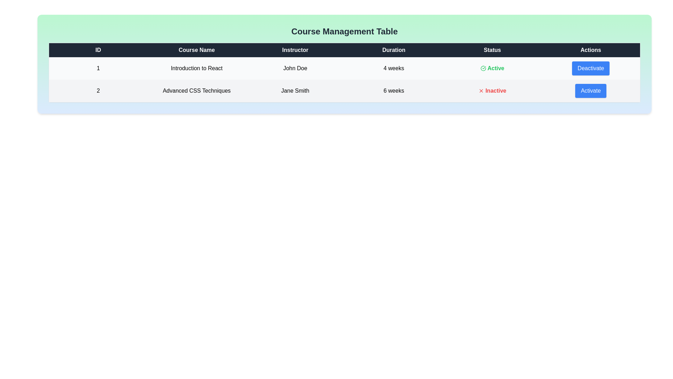  I want to click on the text element displaying 'John Doe', which is located in the Instructor column of the first course row in the table, so click(295, 68).